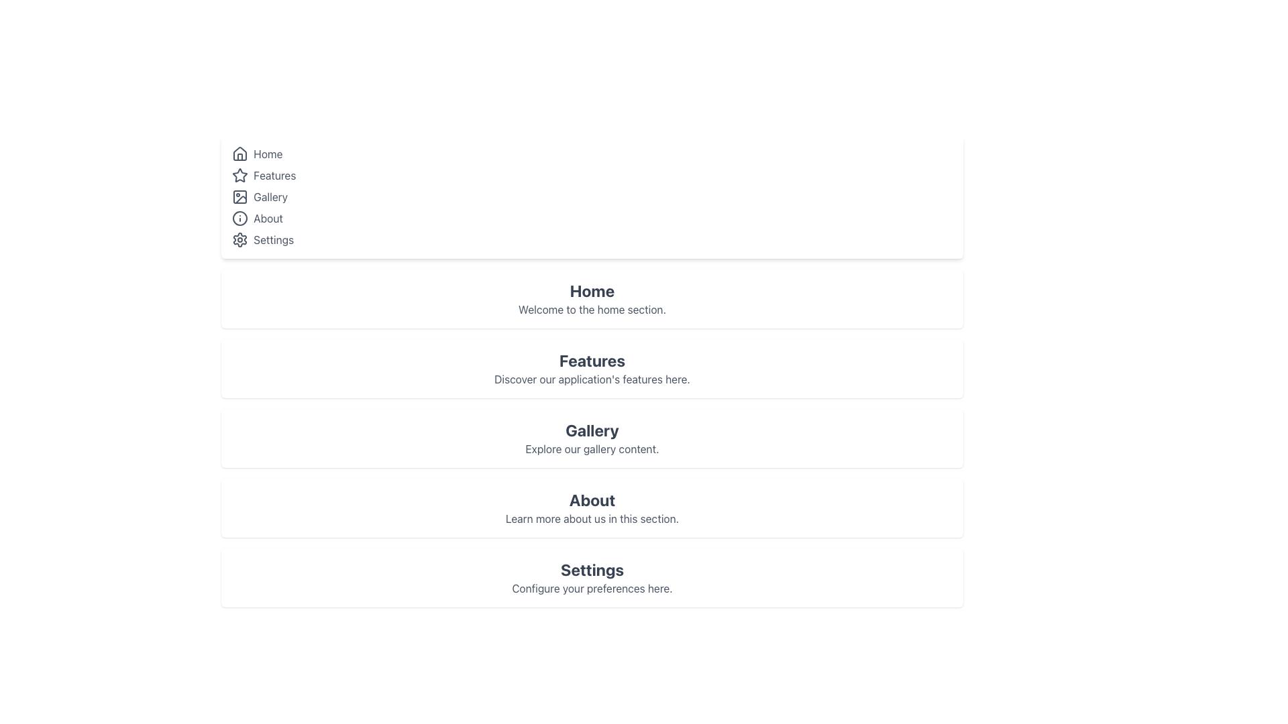 The height and width of the screenshot is (724, 1288). What do you see at coordinates (592, 438) in the screenshot?
I see `content displayed in the 'Gallery' section, which includes the title 'Gallery' and the subtitle 'Explore our gallery content.'` at bounding box center [592, 438].